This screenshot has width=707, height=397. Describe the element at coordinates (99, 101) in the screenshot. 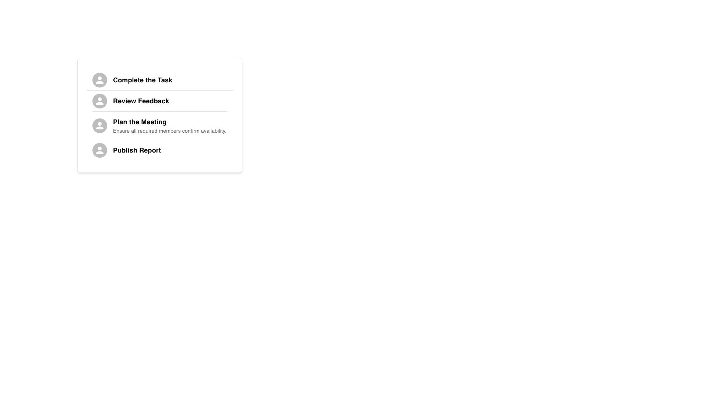

I see `the area surrounding the person-shaped icon within the circular green avatar of the 'Review Feedback' menu item to interact with it` at that location.